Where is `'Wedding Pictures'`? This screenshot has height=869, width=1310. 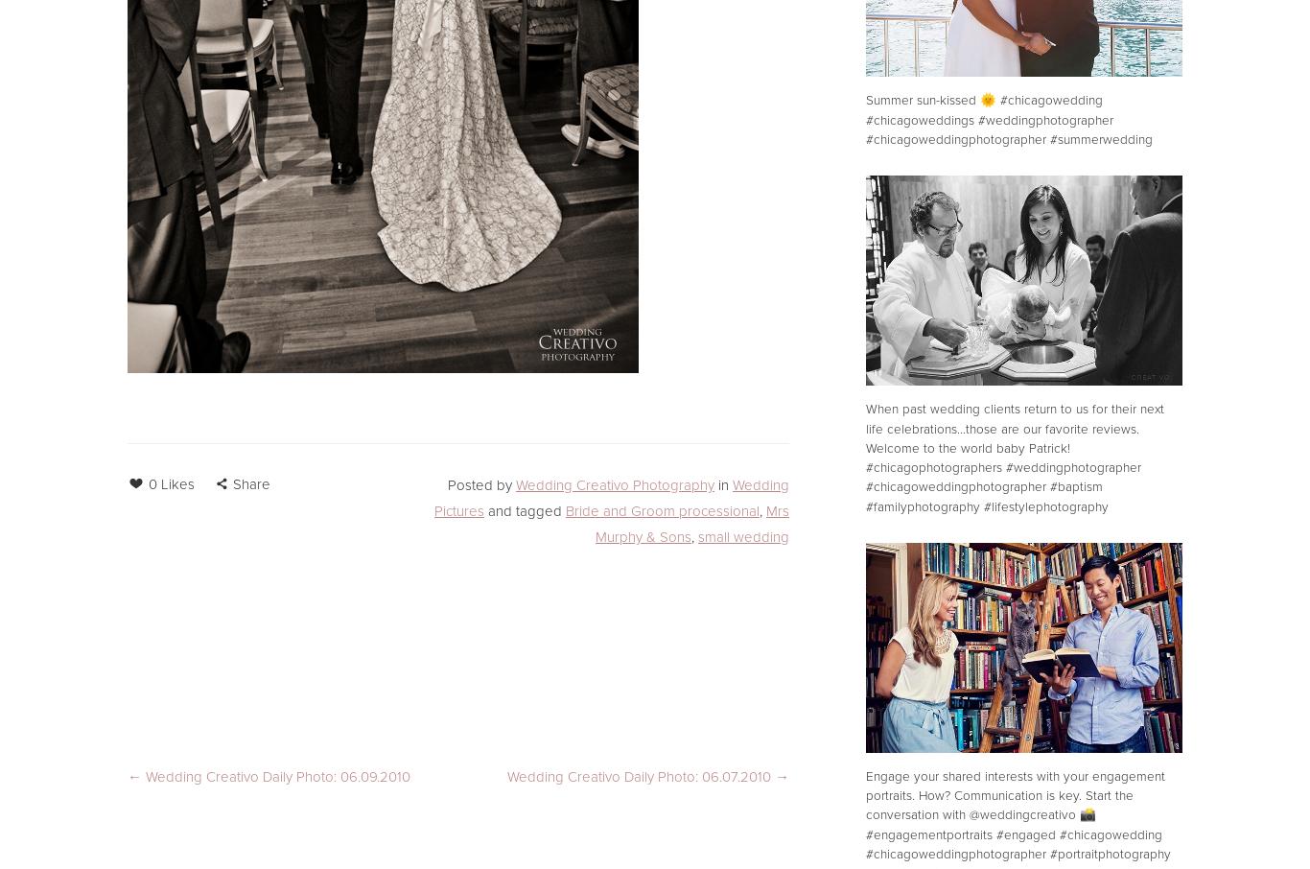 'Wedding Pictures' is located at coordinates (609, 498).